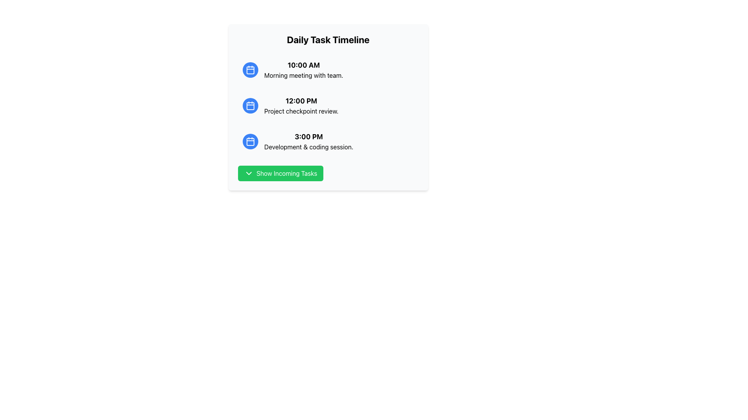 The image size is (748, 420). What do you see at coordinates (308, 136) in the screenshot?
I see `the text label indicating the scheduled time '3:00 PM' for the associated activity in the timeline` at bounding box center [308, 136].